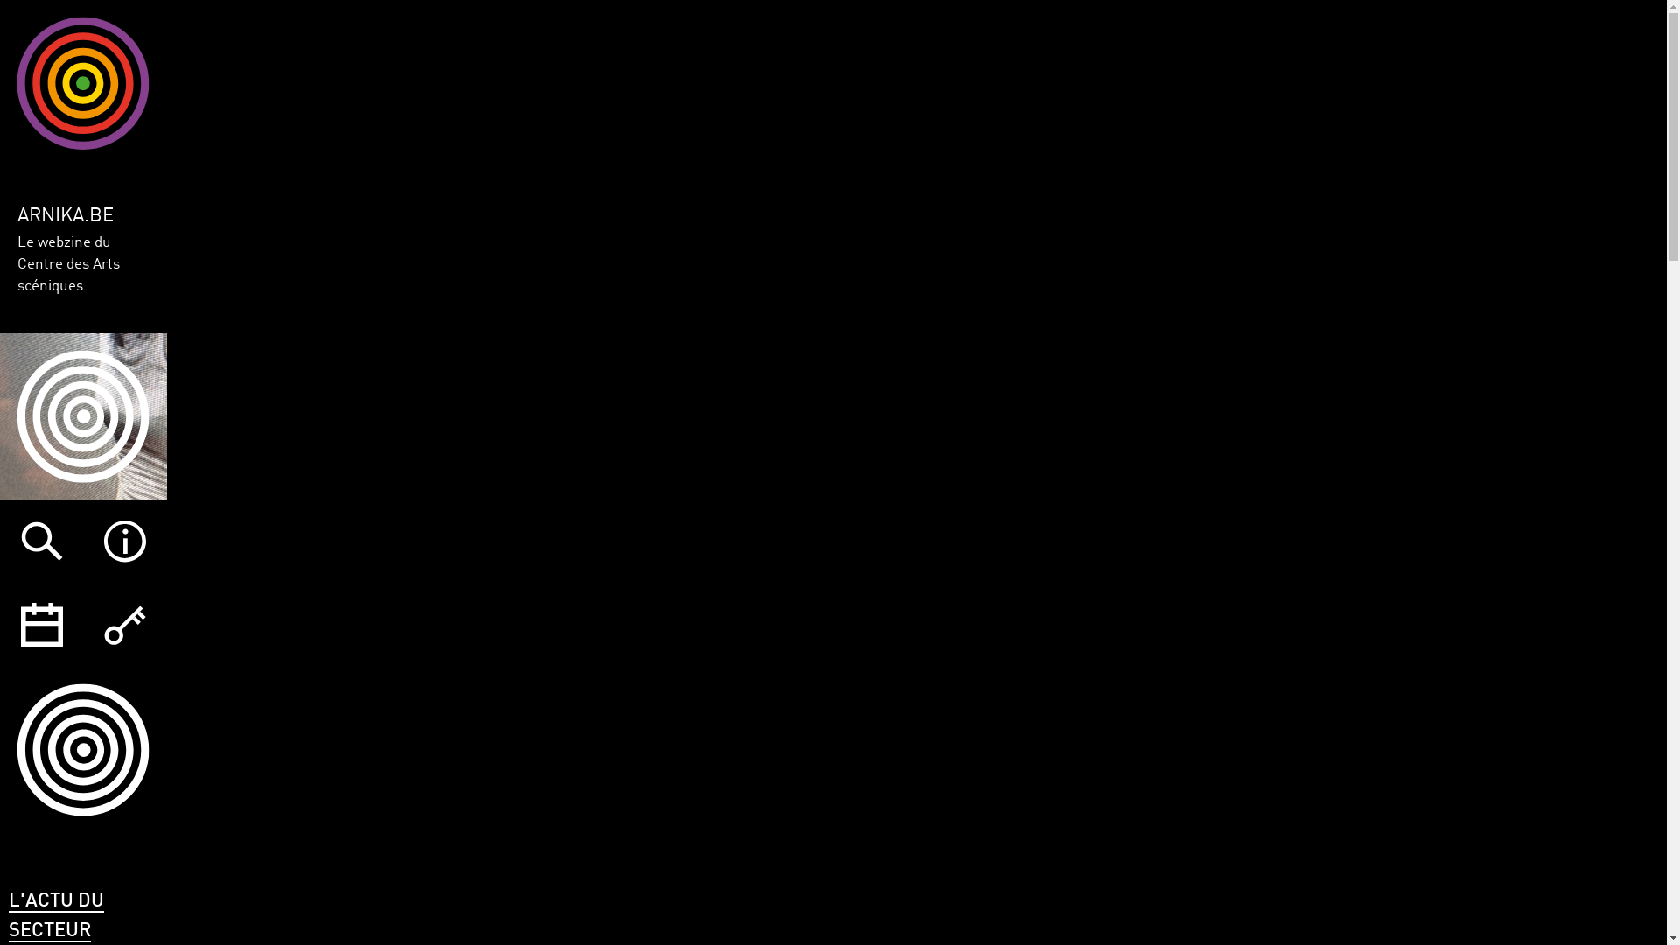 The width and height of the screenshot is (1680, 945). What do you see at coordinates (41, 541) in the screenshot?
I see `'Recherche'` at bounding box center [41, 541].